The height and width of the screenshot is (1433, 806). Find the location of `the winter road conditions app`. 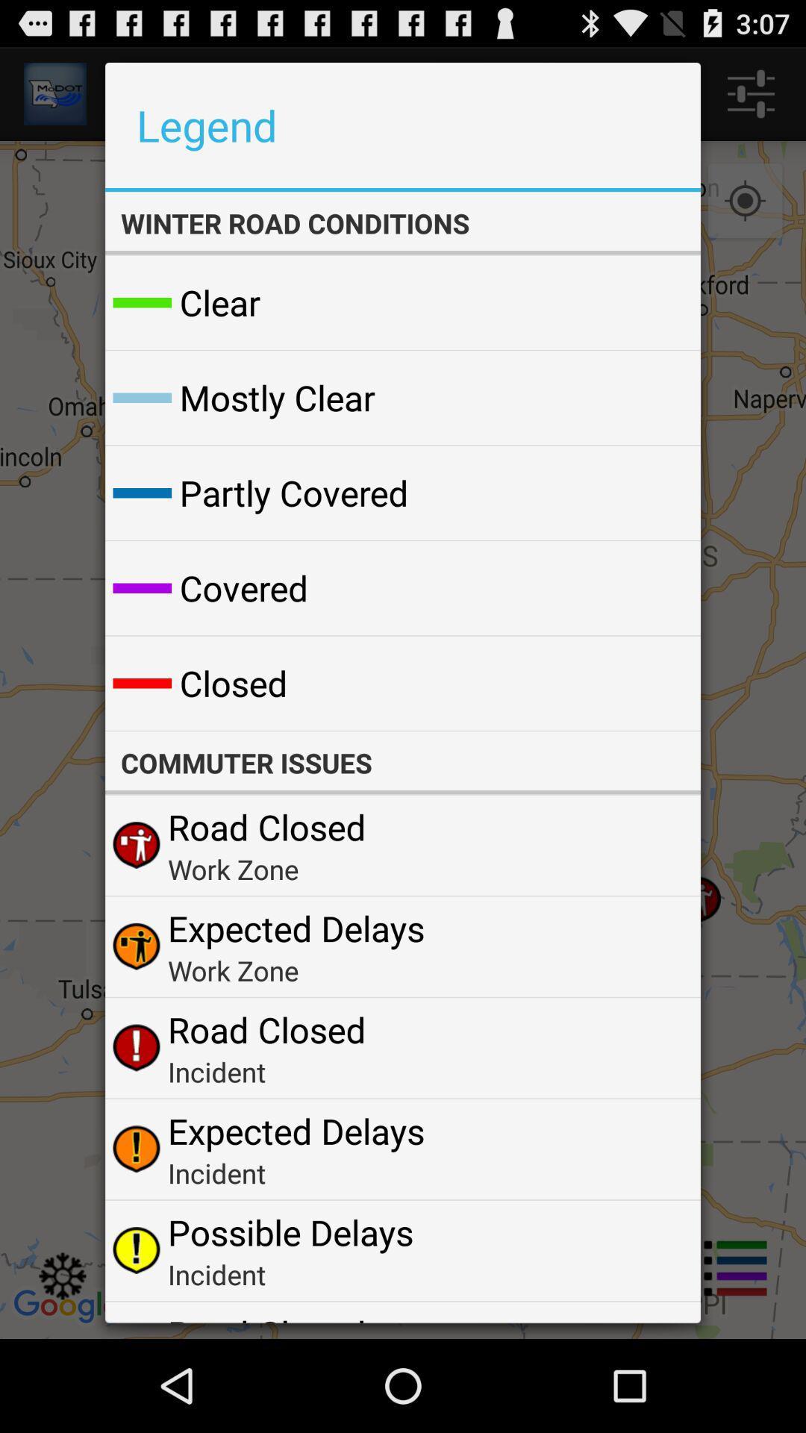

the winter road conditions app is located at coordinates (403, 222).